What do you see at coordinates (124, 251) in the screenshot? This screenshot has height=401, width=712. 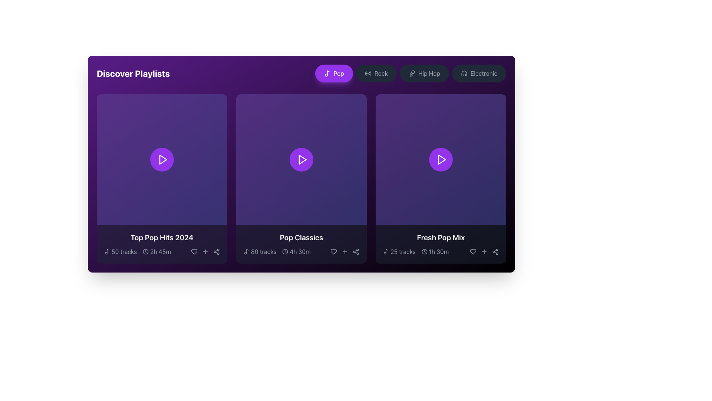 I see `the text label displaying '50 tracks' located in the first playlist card beneath the title 'Top Pop Hits 2024'` at bounding box center [124, 251].